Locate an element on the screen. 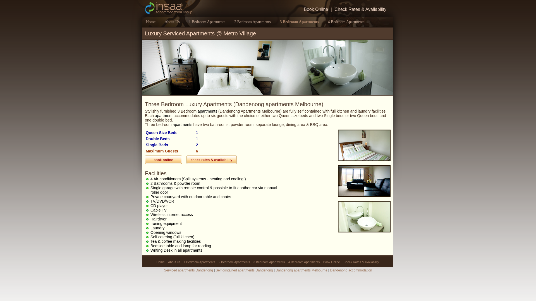 The image size is (536, 301). 'Book Online' is located at coordinates (302, 9).